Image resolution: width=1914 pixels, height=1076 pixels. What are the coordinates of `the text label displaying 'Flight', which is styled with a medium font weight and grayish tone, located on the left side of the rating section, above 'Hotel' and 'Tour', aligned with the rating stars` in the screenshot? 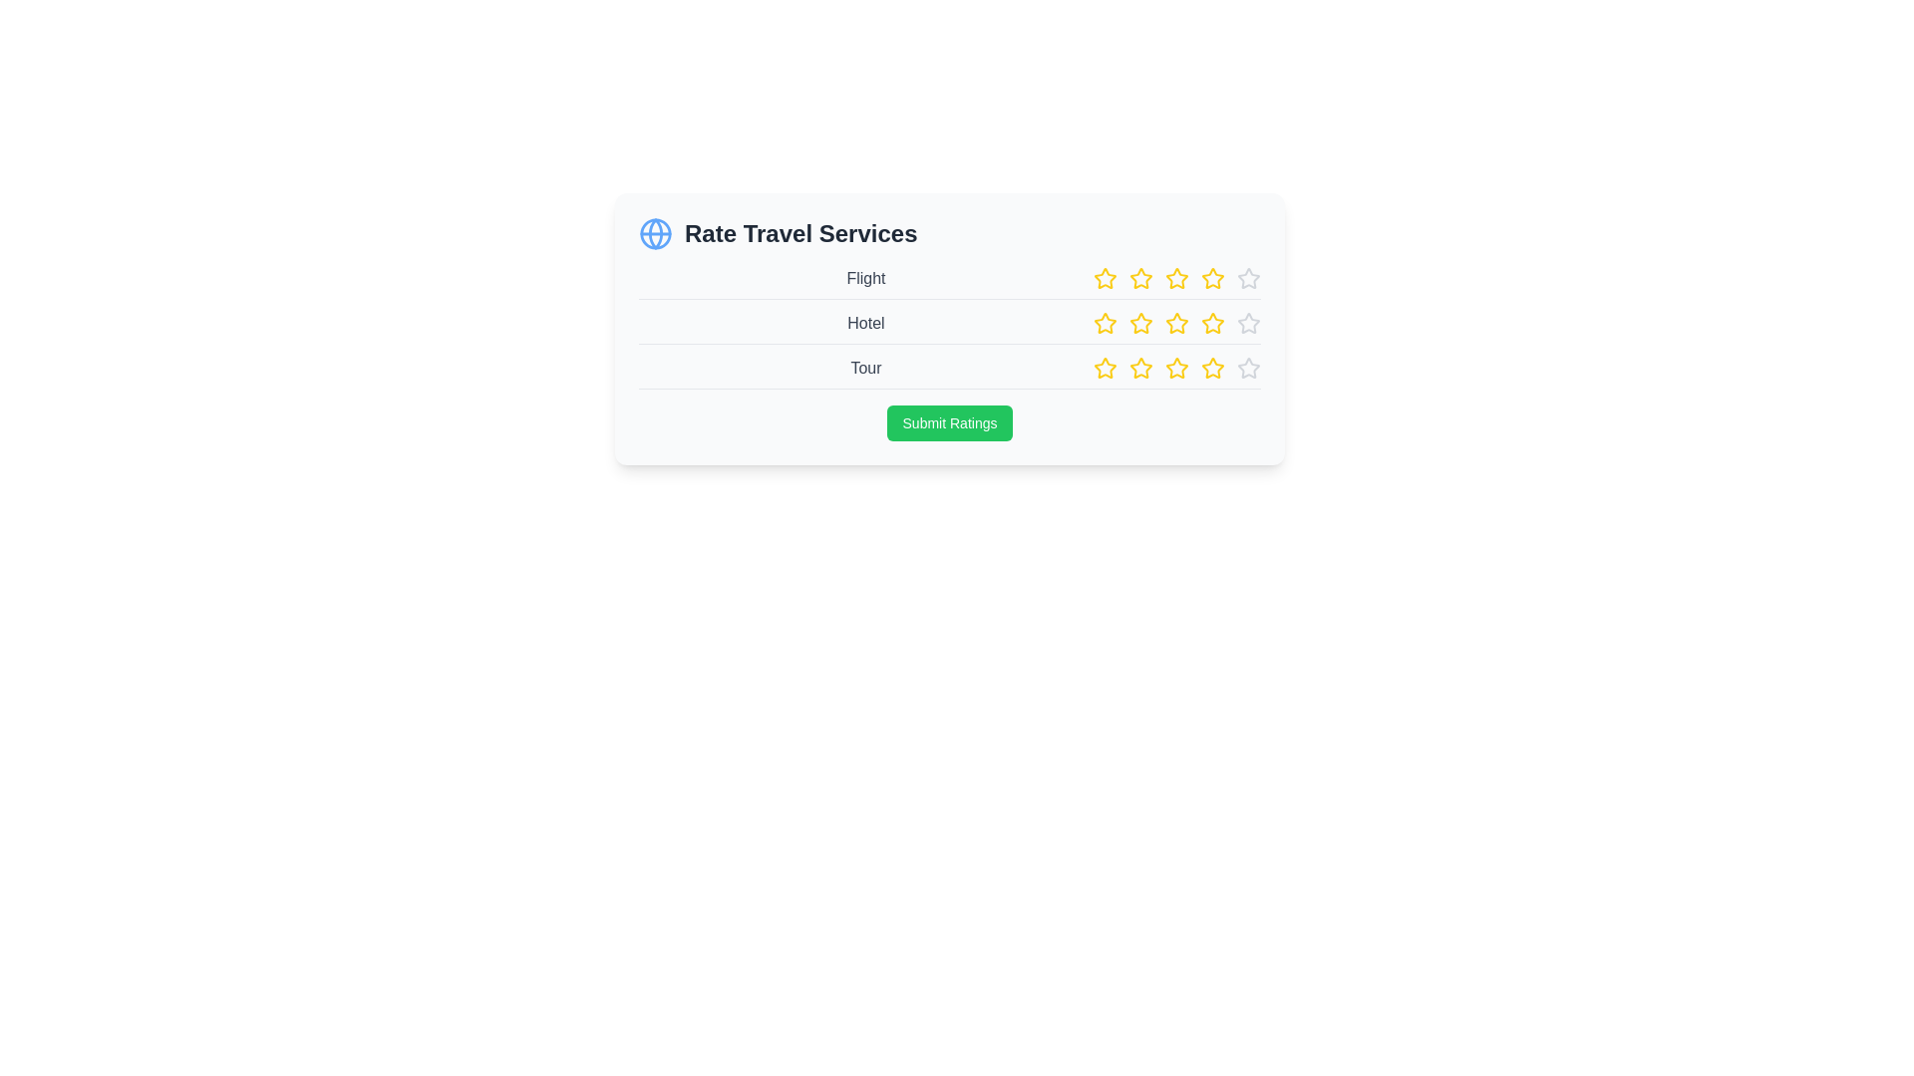 It's located at (865, 279).